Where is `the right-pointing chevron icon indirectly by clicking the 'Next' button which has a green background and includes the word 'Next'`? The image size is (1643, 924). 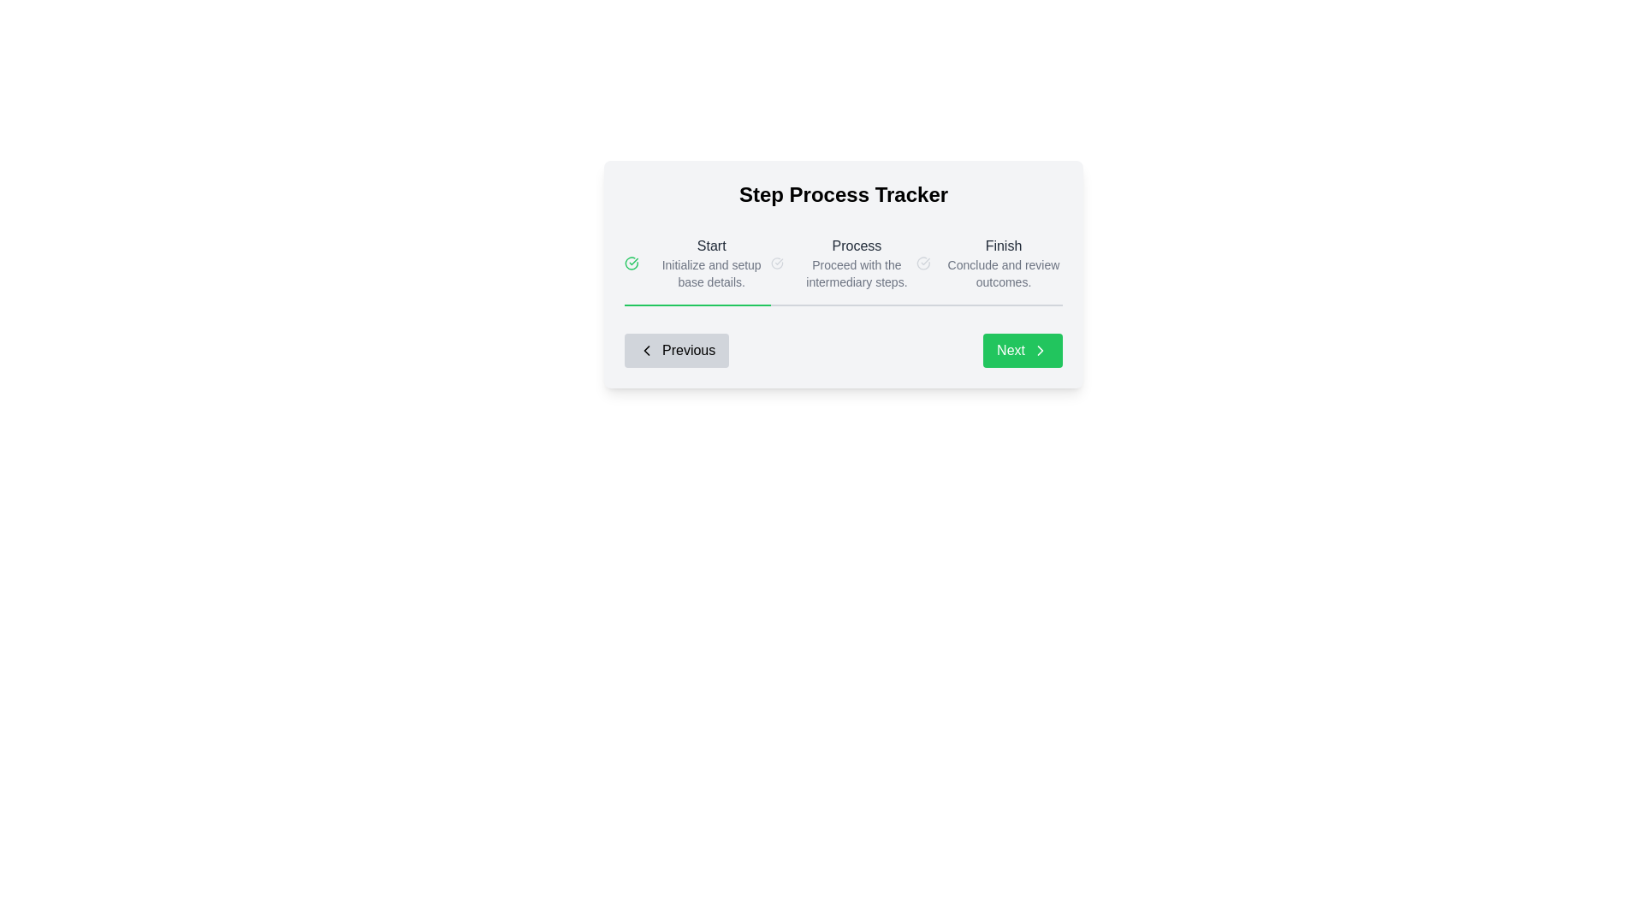
the right-pointing chevron icon indirectly by clicking the 'Next' button which has a green background and includes the word 'Next' is located at coordinates (1039, 349).